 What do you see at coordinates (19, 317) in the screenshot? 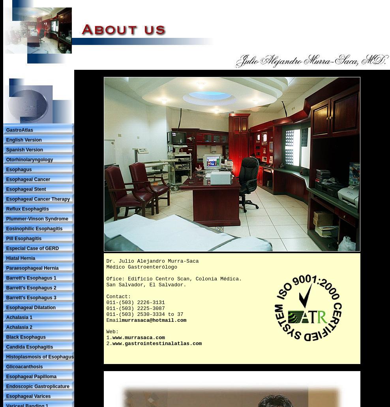
I see `'Achalasia 1'` at bounding box center [19, 317].